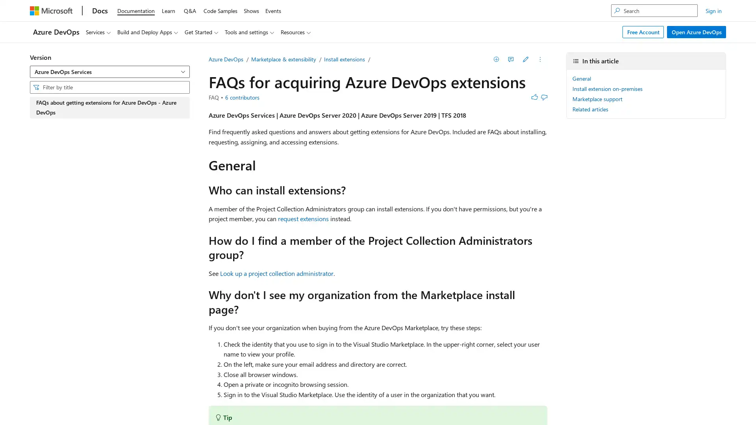  What do you see at coordinates (295, 31) in the screenshot?
I see `Resources` at bounding box center [295, 31].